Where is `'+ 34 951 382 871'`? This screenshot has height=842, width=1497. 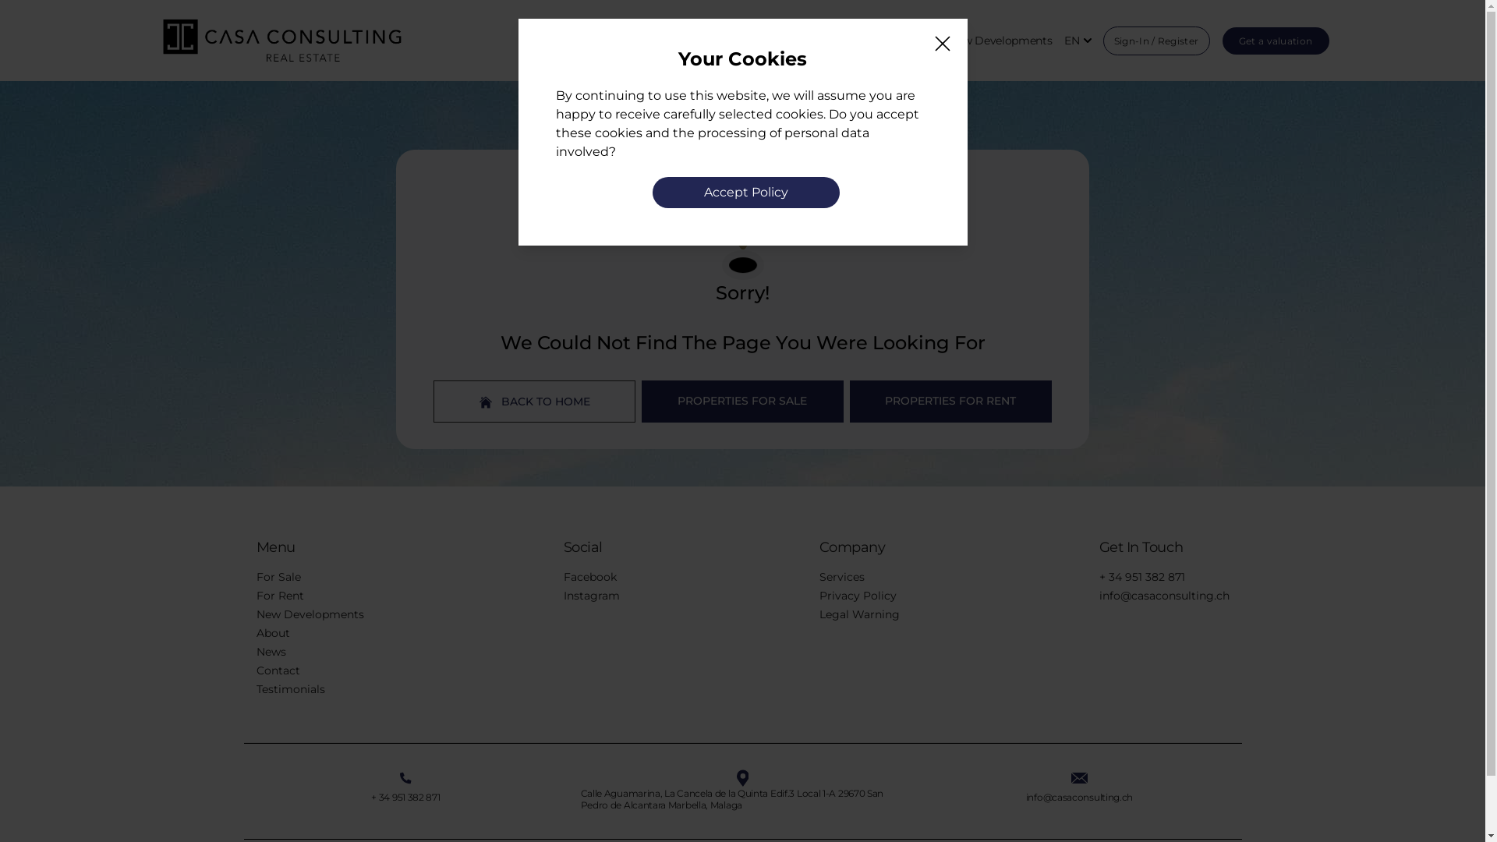
'+ 34 951 382 871' is located at coordinates (405, 797).